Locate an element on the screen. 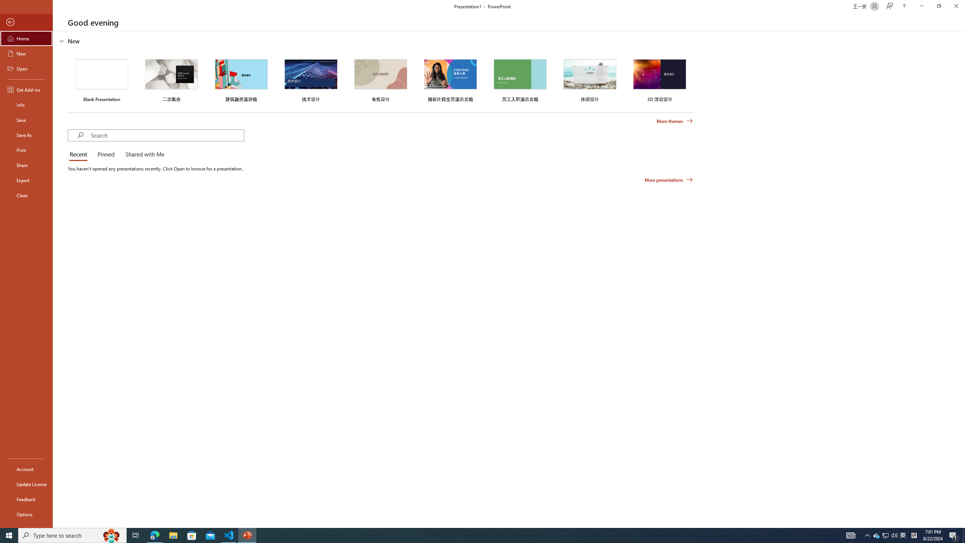 This screenshot has width=965, height=543. 'Minimize' is located at coordinates (921, 6).